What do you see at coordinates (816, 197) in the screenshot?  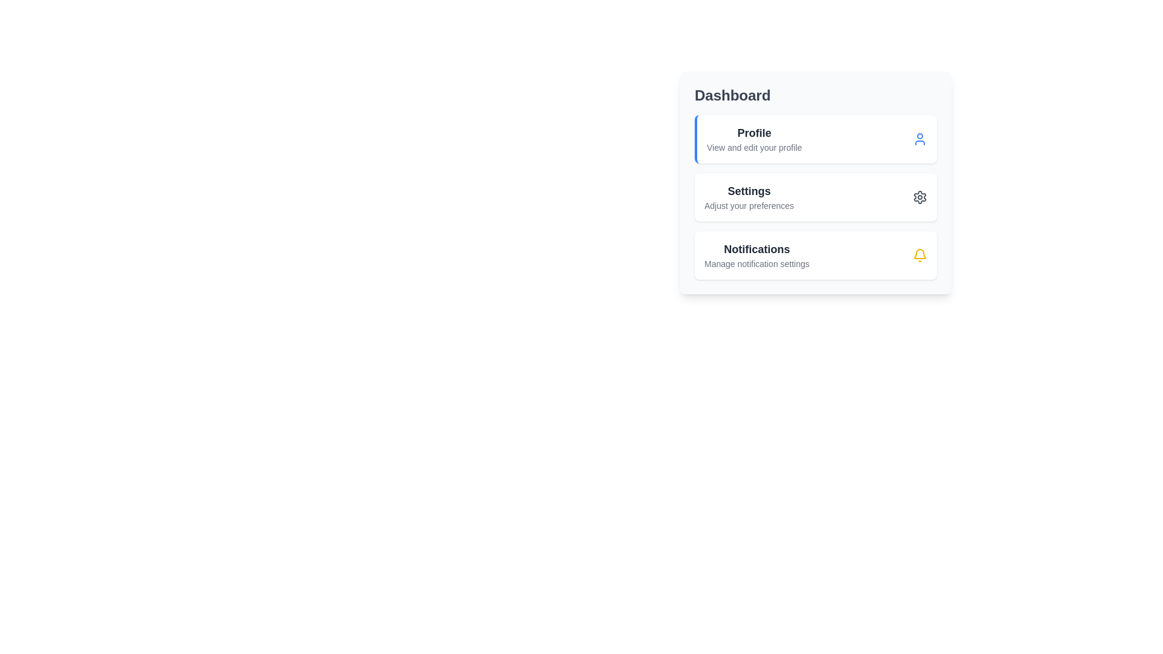 I see `the Interactive section located in the 'Dashboard' below 'Profile' and above 'Notifications'` at bounding box center [816, 197].